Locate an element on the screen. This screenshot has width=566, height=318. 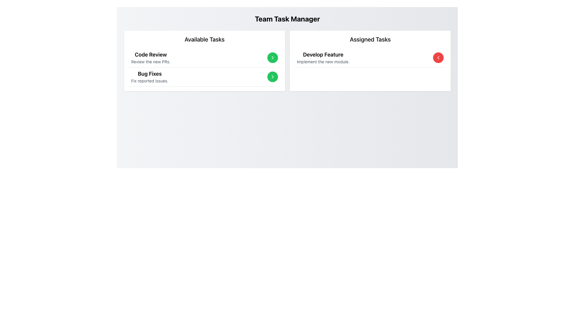
the right-pointing chevron arrow icon within the green circular background in the 'Available Tasks' section is located at coordinates (272, 77).